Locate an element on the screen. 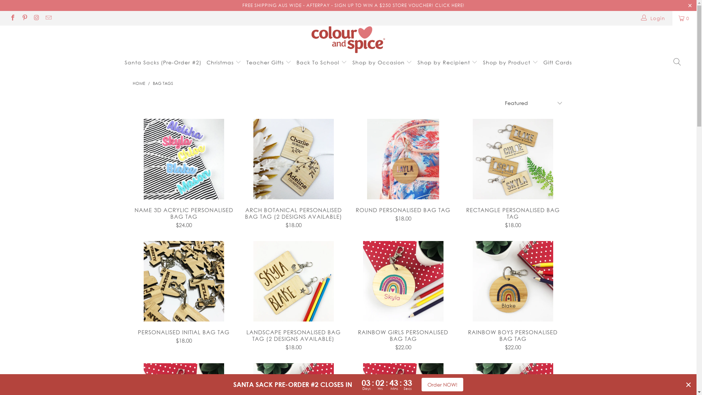  '0' is located at coordinates (684, 18).